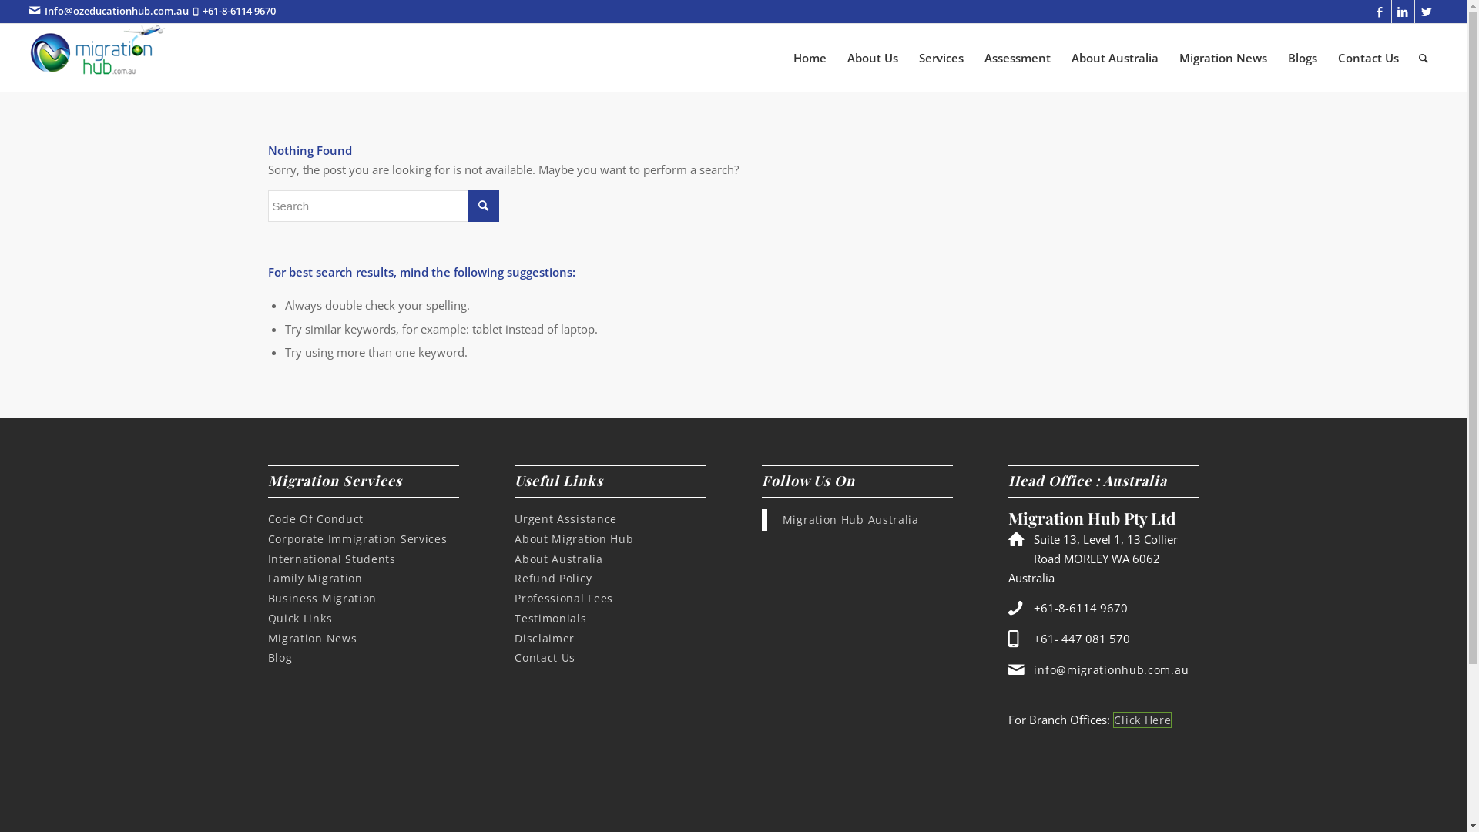  I want to click on 'Quick Links', so click(300, 617).